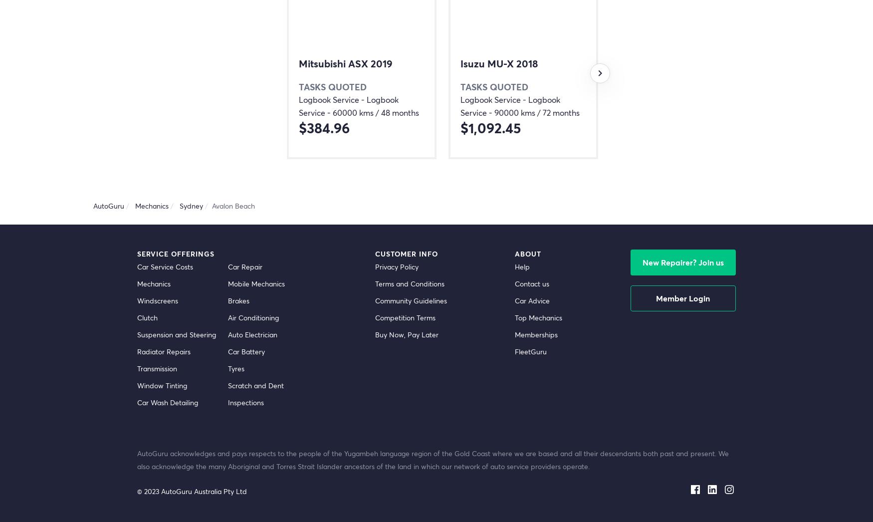 The image size is (873, 522). Describe the element at coordinates (514, 334) in the screenshot. I see `'Memberships'` at that location.